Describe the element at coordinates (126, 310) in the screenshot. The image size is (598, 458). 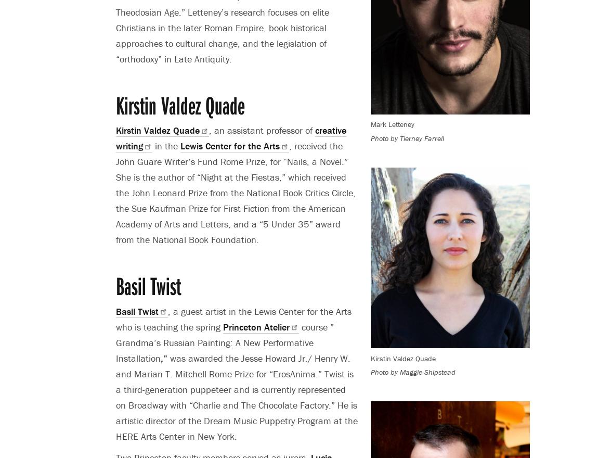
I see `'Basil'` at that location.